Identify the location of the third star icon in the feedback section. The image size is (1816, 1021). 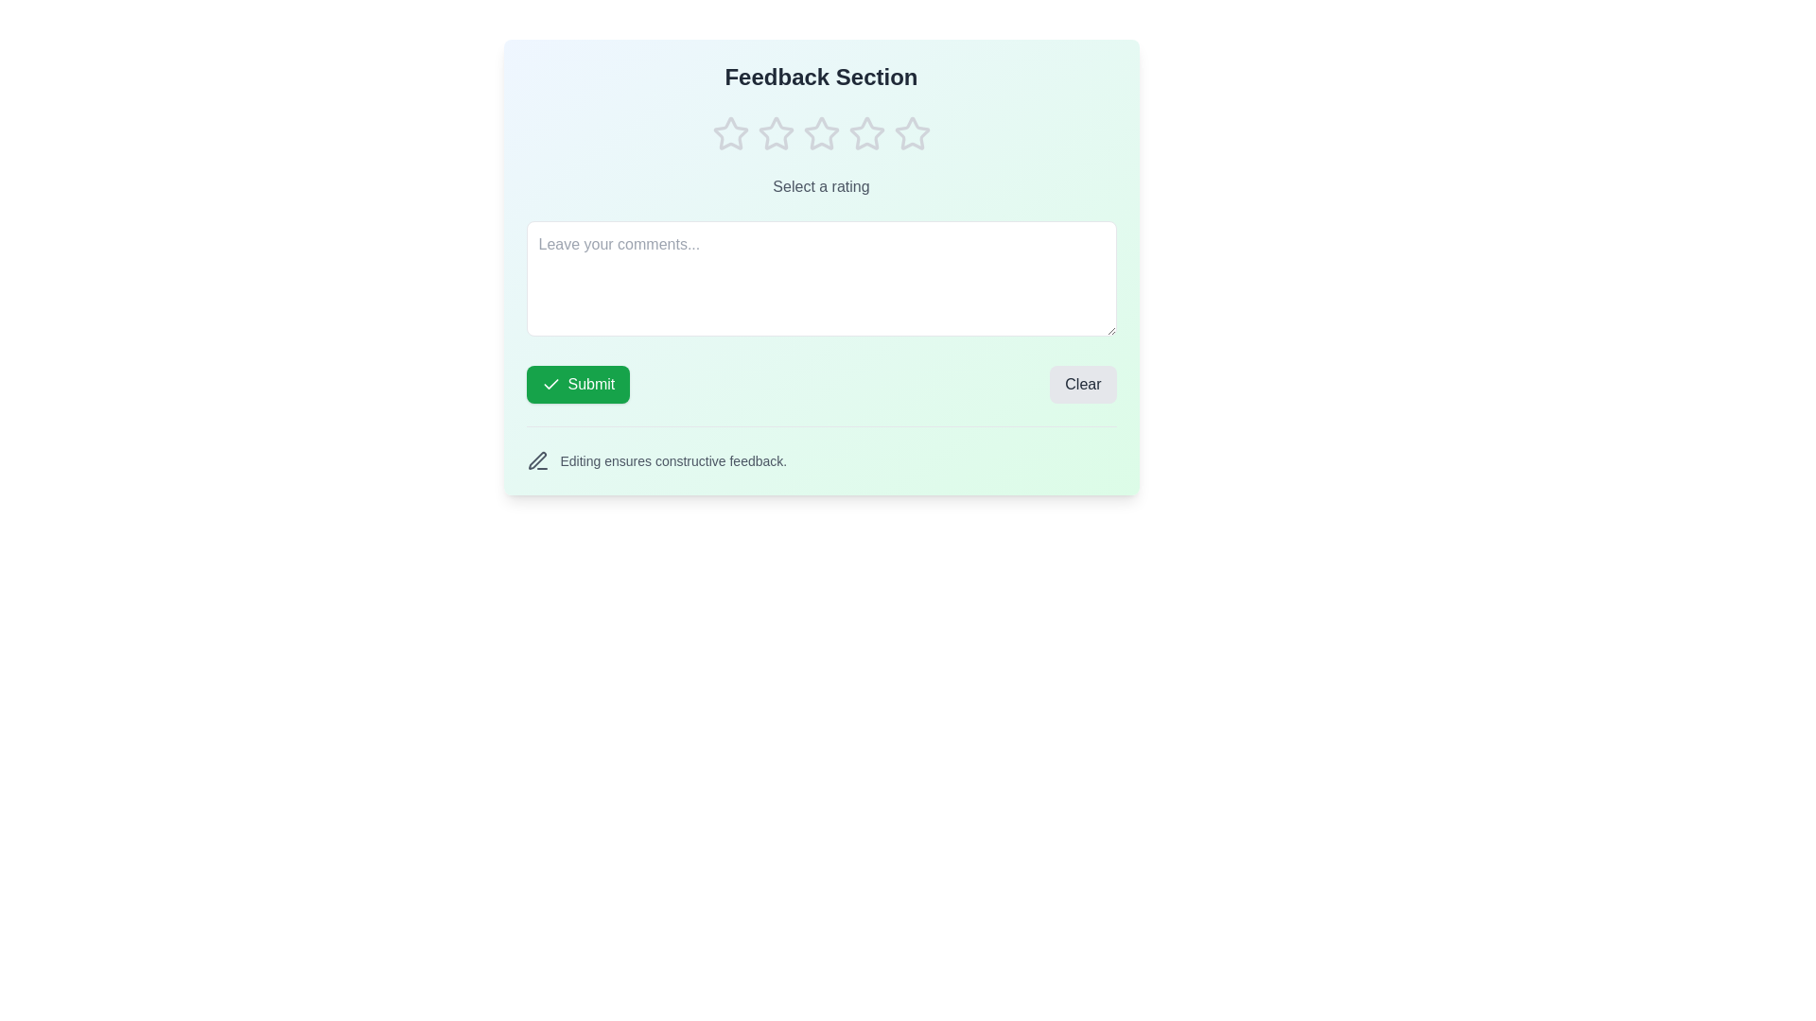
(865, 132).